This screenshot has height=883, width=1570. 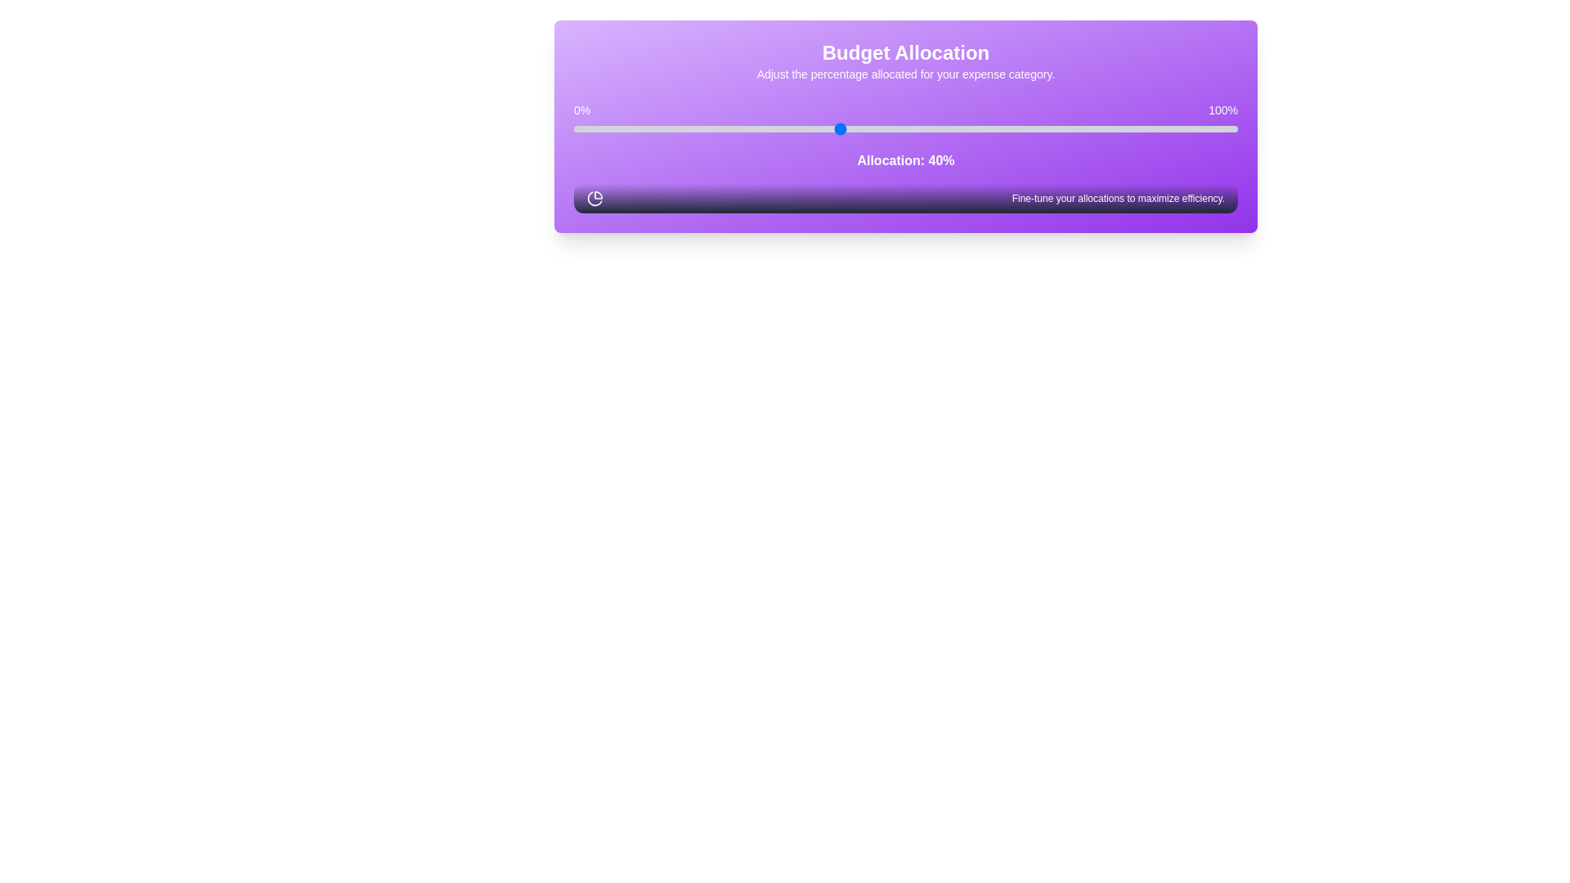 I want to click on the allocation percentage, so click(x=1131, y=128).